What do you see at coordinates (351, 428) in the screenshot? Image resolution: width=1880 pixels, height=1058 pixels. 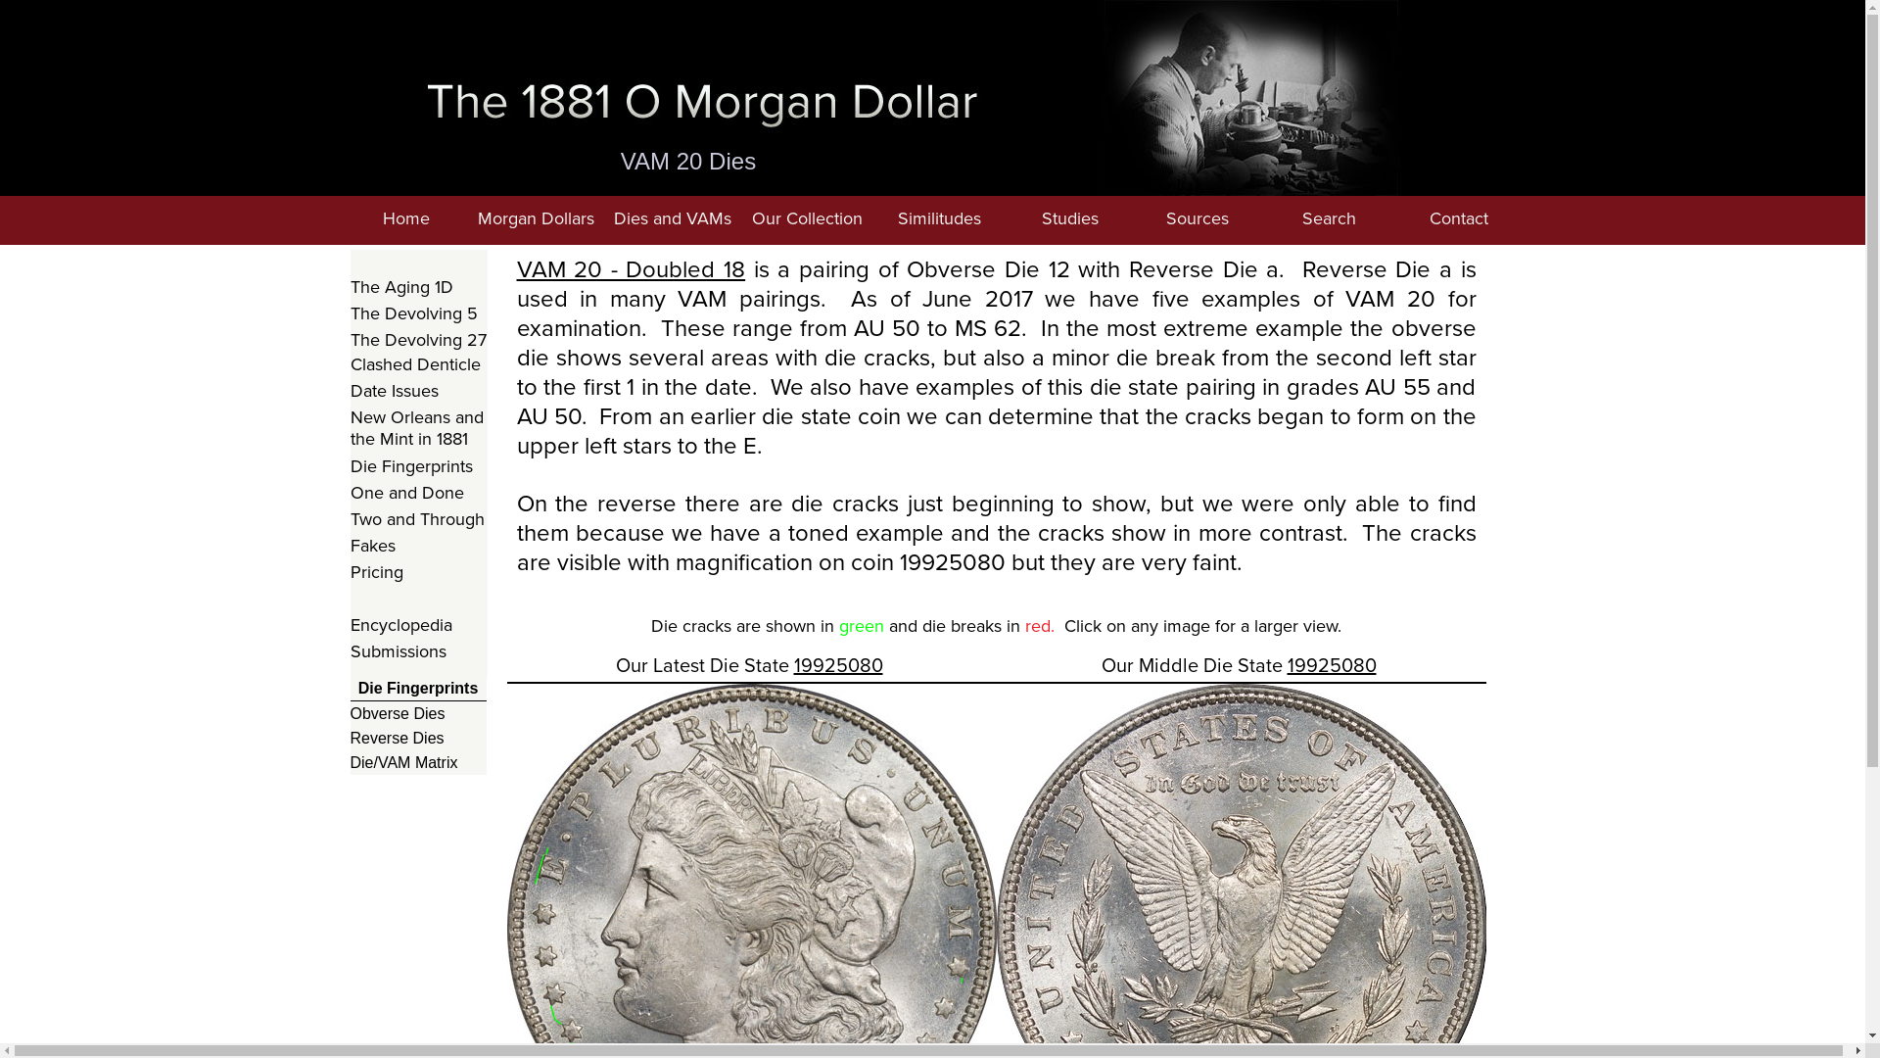 I see `'New Orleans and the Mint in 1881'` at bounding box center [351, 428].